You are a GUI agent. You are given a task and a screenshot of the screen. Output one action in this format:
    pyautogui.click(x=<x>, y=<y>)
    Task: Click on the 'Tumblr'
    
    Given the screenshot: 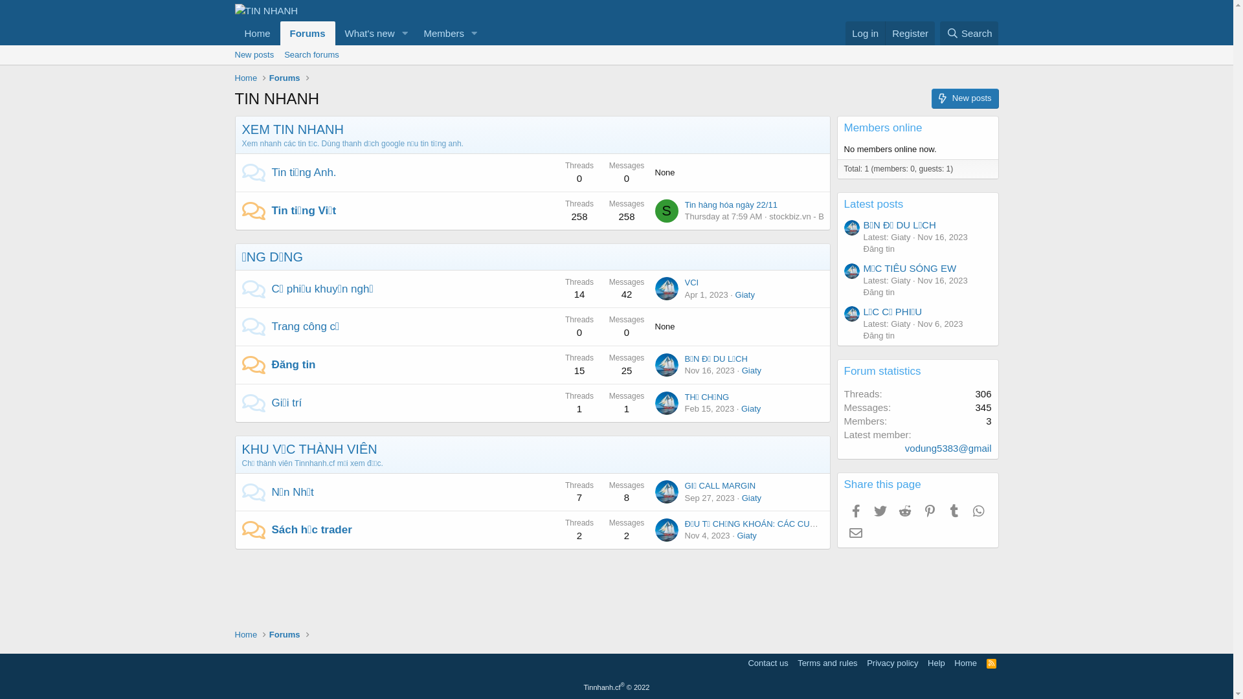 What is the action you would take?
    pyautogui.click(x=954, y=511)
    